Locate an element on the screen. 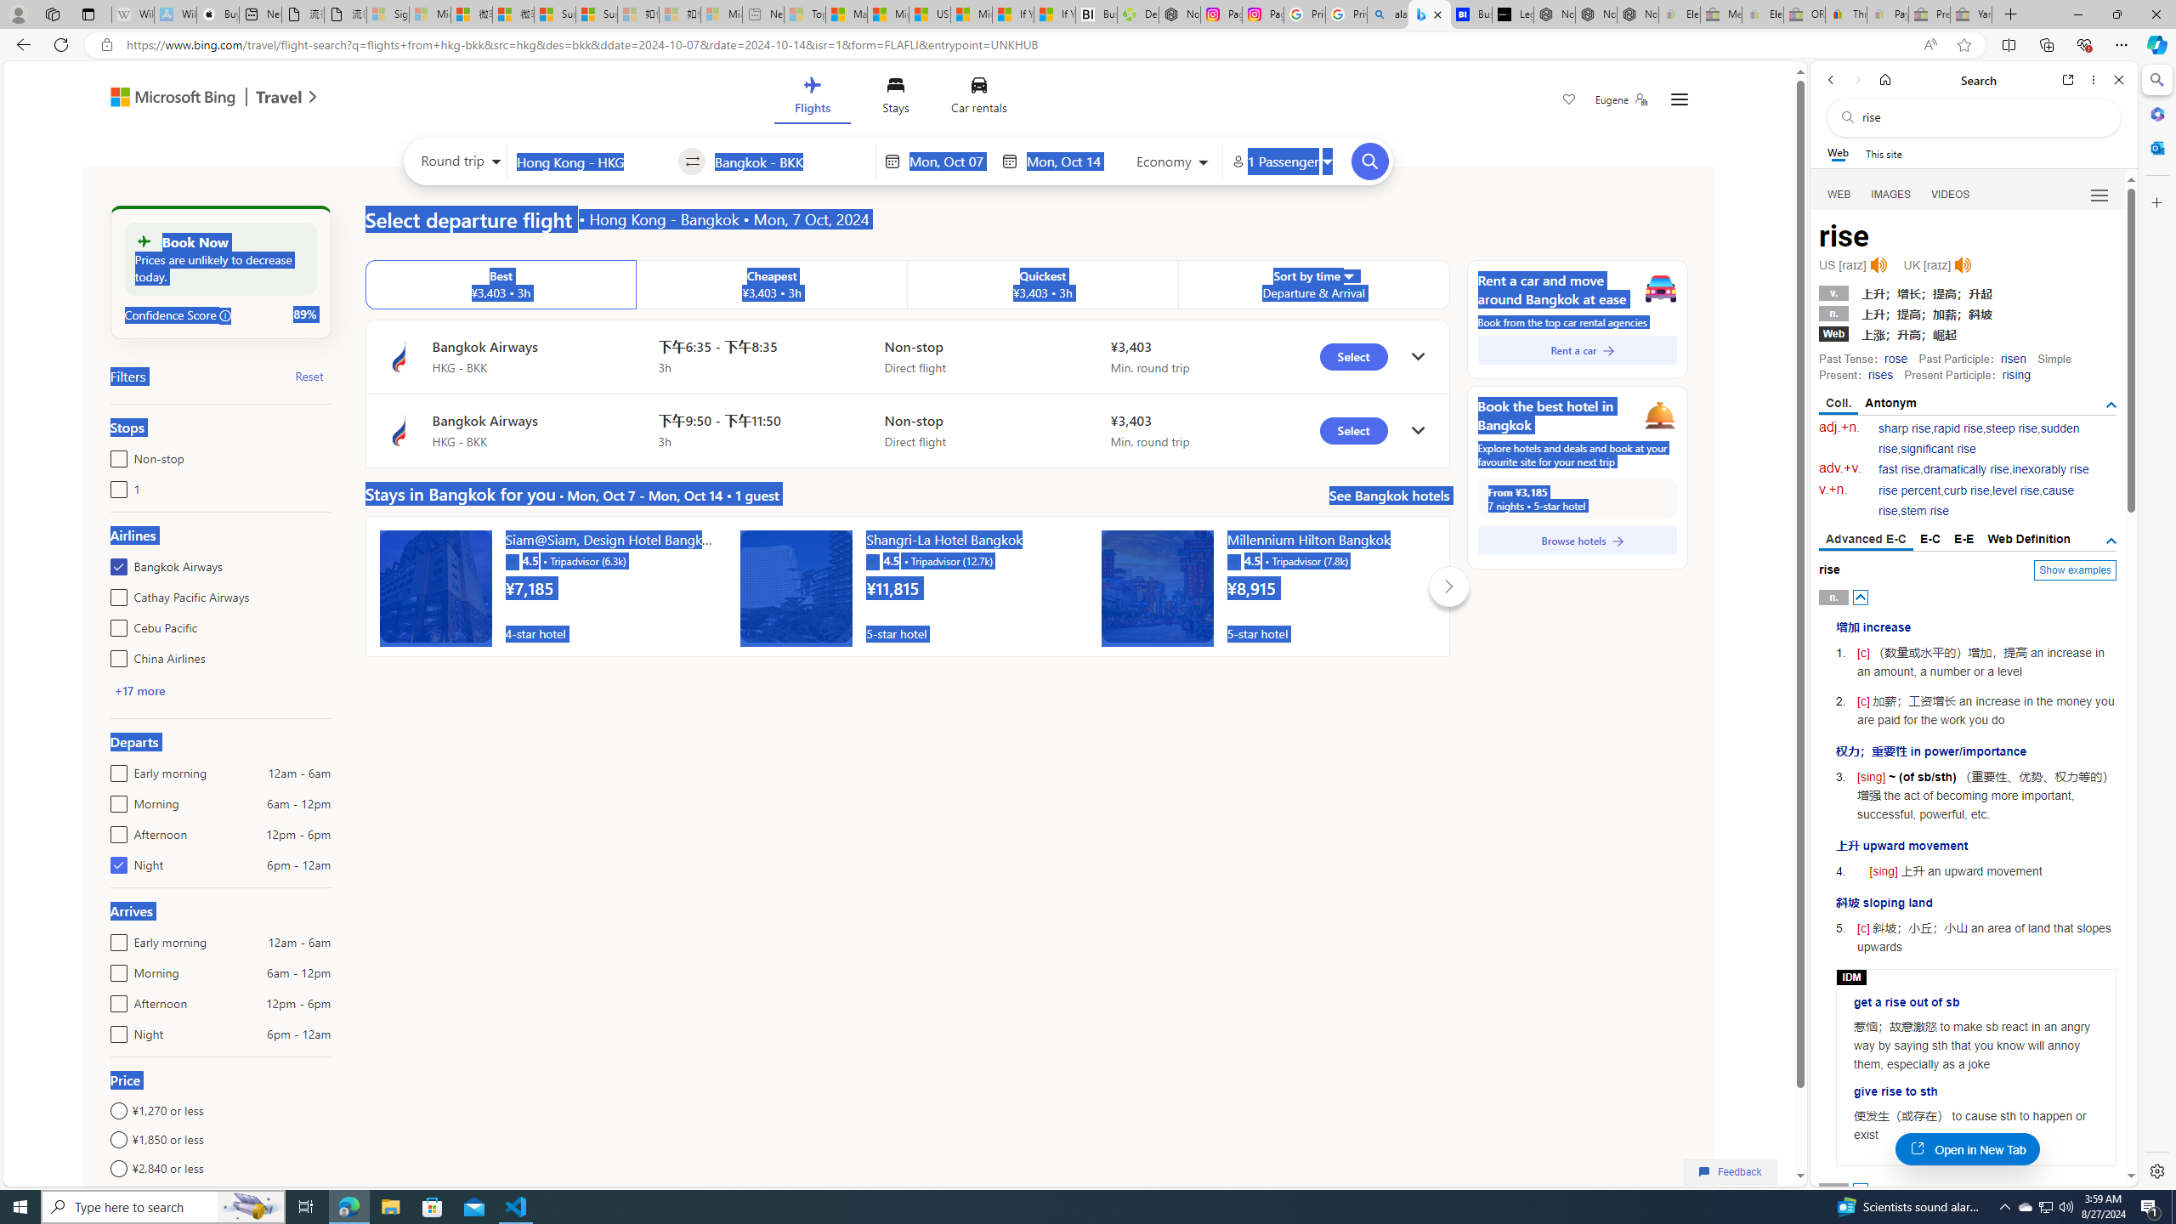 This screenshot has height=1224, width=2176. 'significant rise' is located at coordinates (1936, 449).